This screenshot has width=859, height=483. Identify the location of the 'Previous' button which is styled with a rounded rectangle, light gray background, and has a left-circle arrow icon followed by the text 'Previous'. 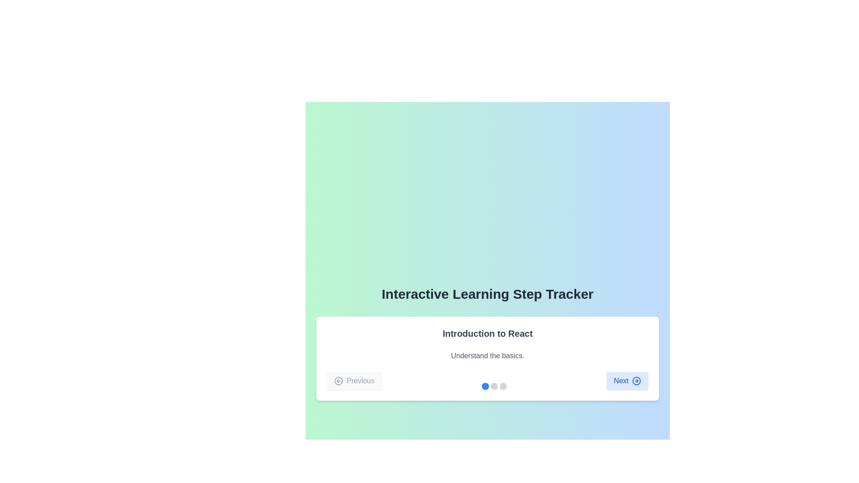
(354, 381).